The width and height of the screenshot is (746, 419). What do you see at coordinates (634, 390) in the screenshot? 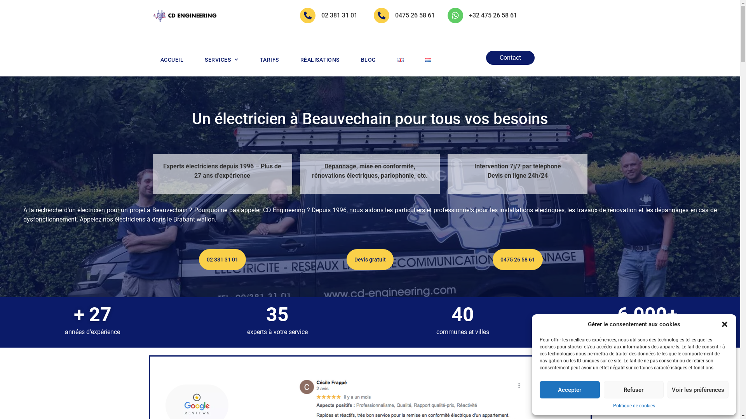
I see `'Refuser'` at bounding box center [634, 390].